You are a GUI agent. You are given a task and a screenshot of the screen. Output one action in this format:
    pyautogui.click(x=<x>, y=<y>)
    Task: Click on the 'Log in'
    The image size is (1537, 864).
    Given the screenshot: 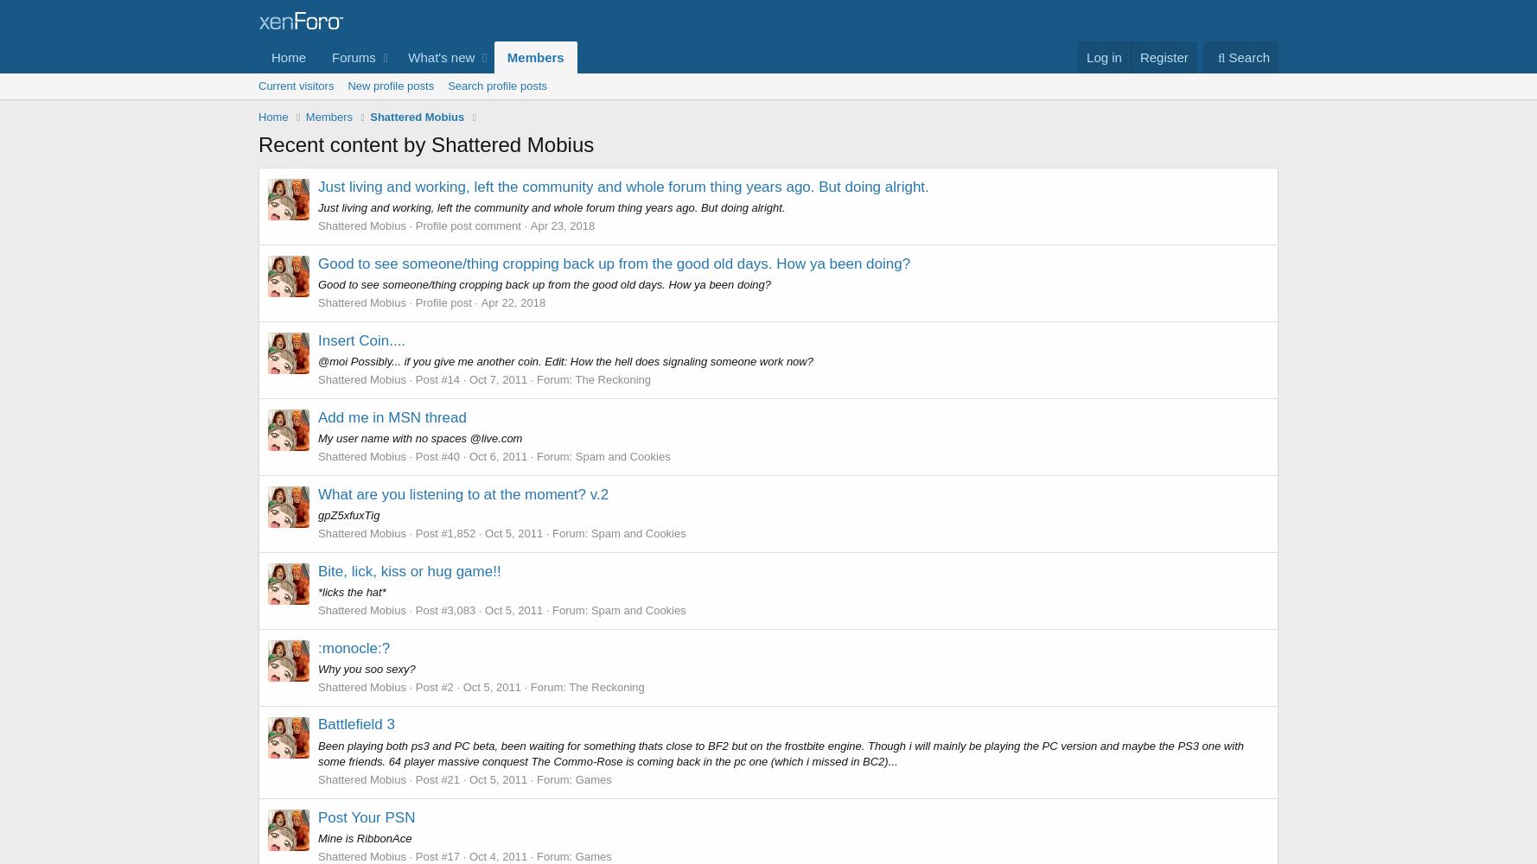 What is the action you would take?
    pyautogui.click(x=1103, y=56)
    